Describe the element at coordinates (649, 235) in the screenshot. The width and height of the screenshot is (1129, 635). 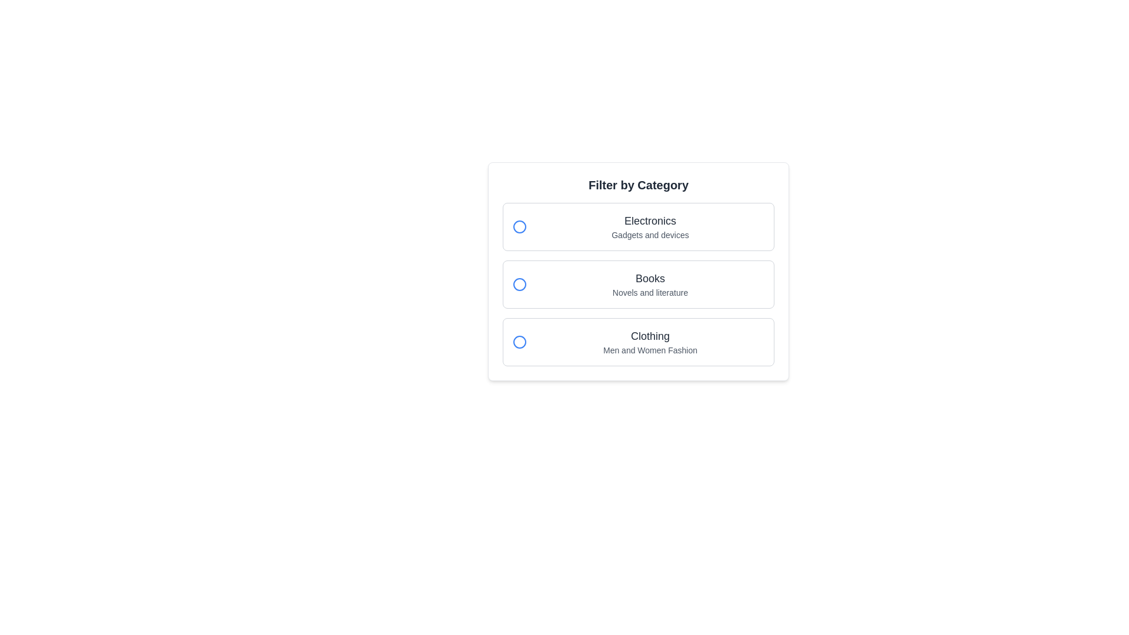
I see `the text label reading 'Gadgets and devices', which is styled in gray and positioned below the heading 'Electronics' in the filter options` at that location.